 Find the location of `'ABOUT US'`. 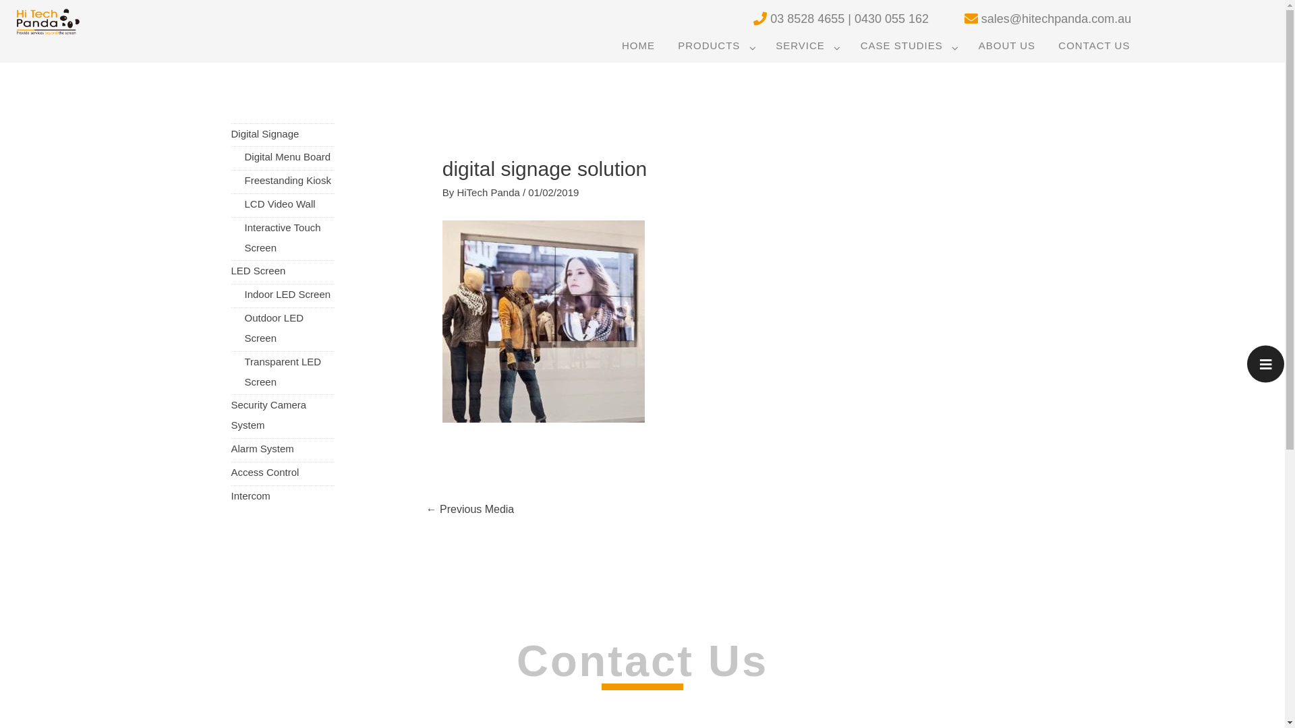

'ABOUT US' is located at coordinates (967, 45).